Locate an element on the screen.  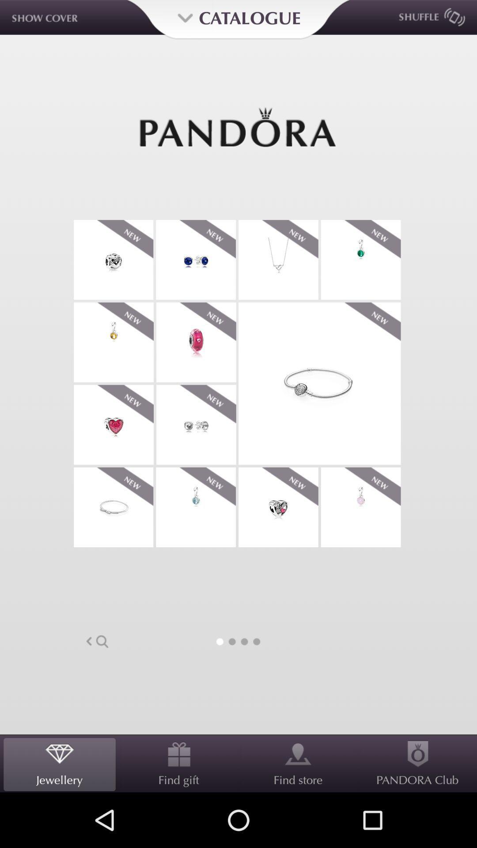
the add icon is located at coordinates (361, 277).